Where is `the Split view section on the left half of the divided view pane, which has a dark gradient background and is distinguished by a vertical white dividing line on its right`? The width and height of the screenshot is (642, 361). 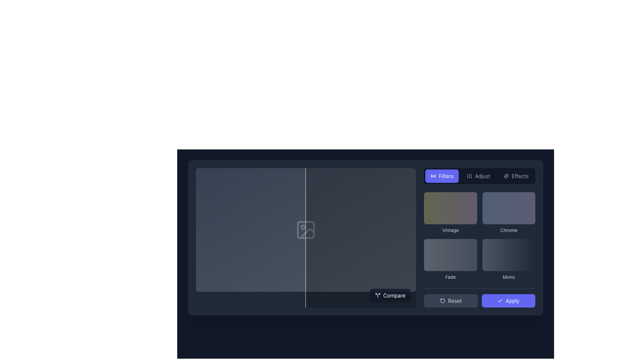 the Split view section on the left half of the divided view pane, which has a dark gradient background and is distinguished by a vertical white dividing line on its right is located at coordinates (250, 237).